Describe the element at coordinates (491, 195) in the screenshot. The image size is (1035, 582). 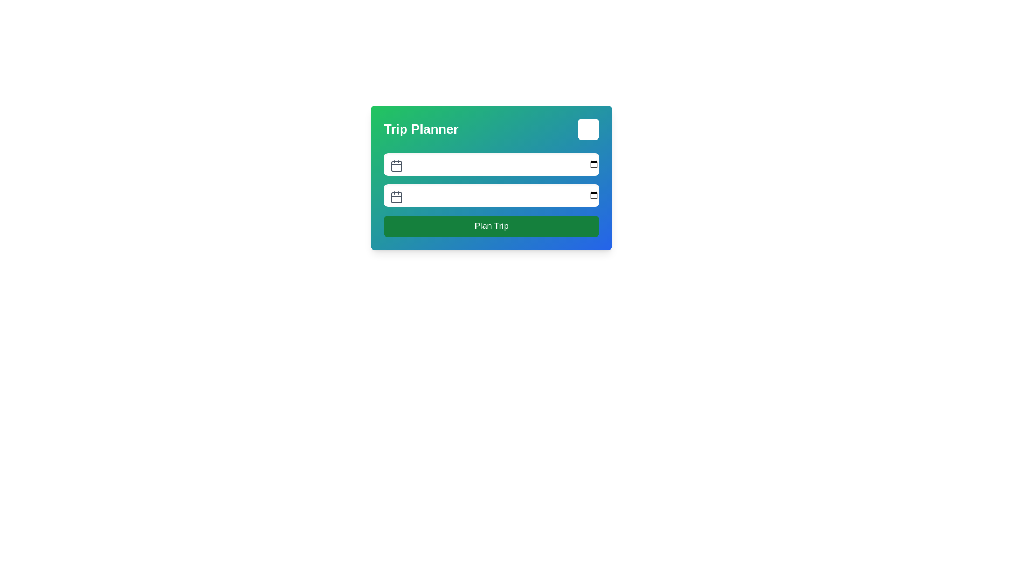
I see `the Date Picker Input field, which is styled with a white background and rounded corners, to input a date` at that location.